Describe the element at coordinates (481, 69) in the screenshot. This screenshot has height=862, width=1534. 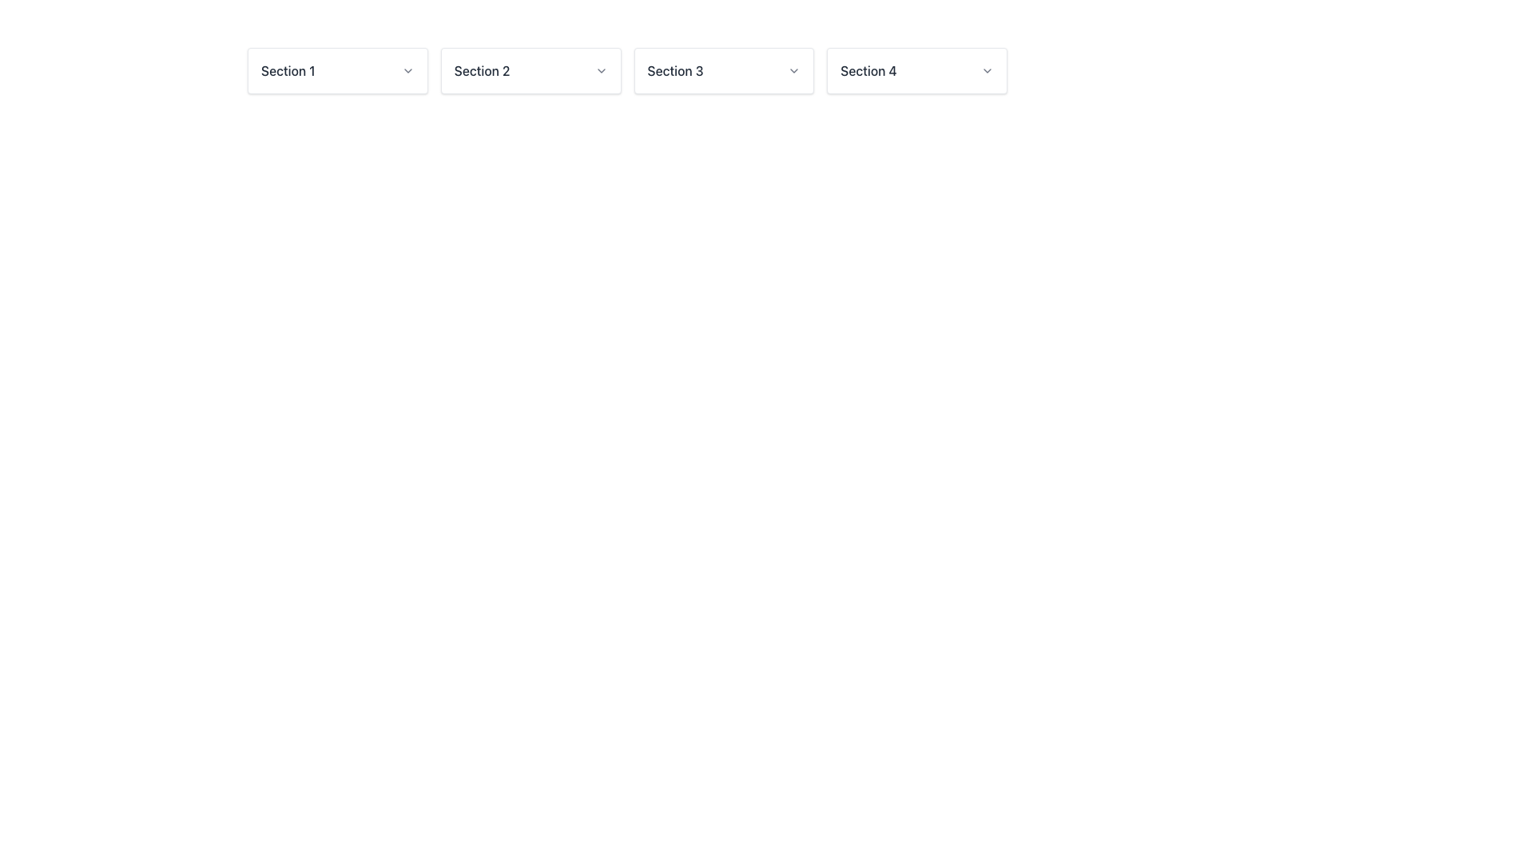
I see `the text label for 'Section 2', which serves as the label for its associated interactive menu or dropdown component, located in the upper-middle region of the interface` at that location.